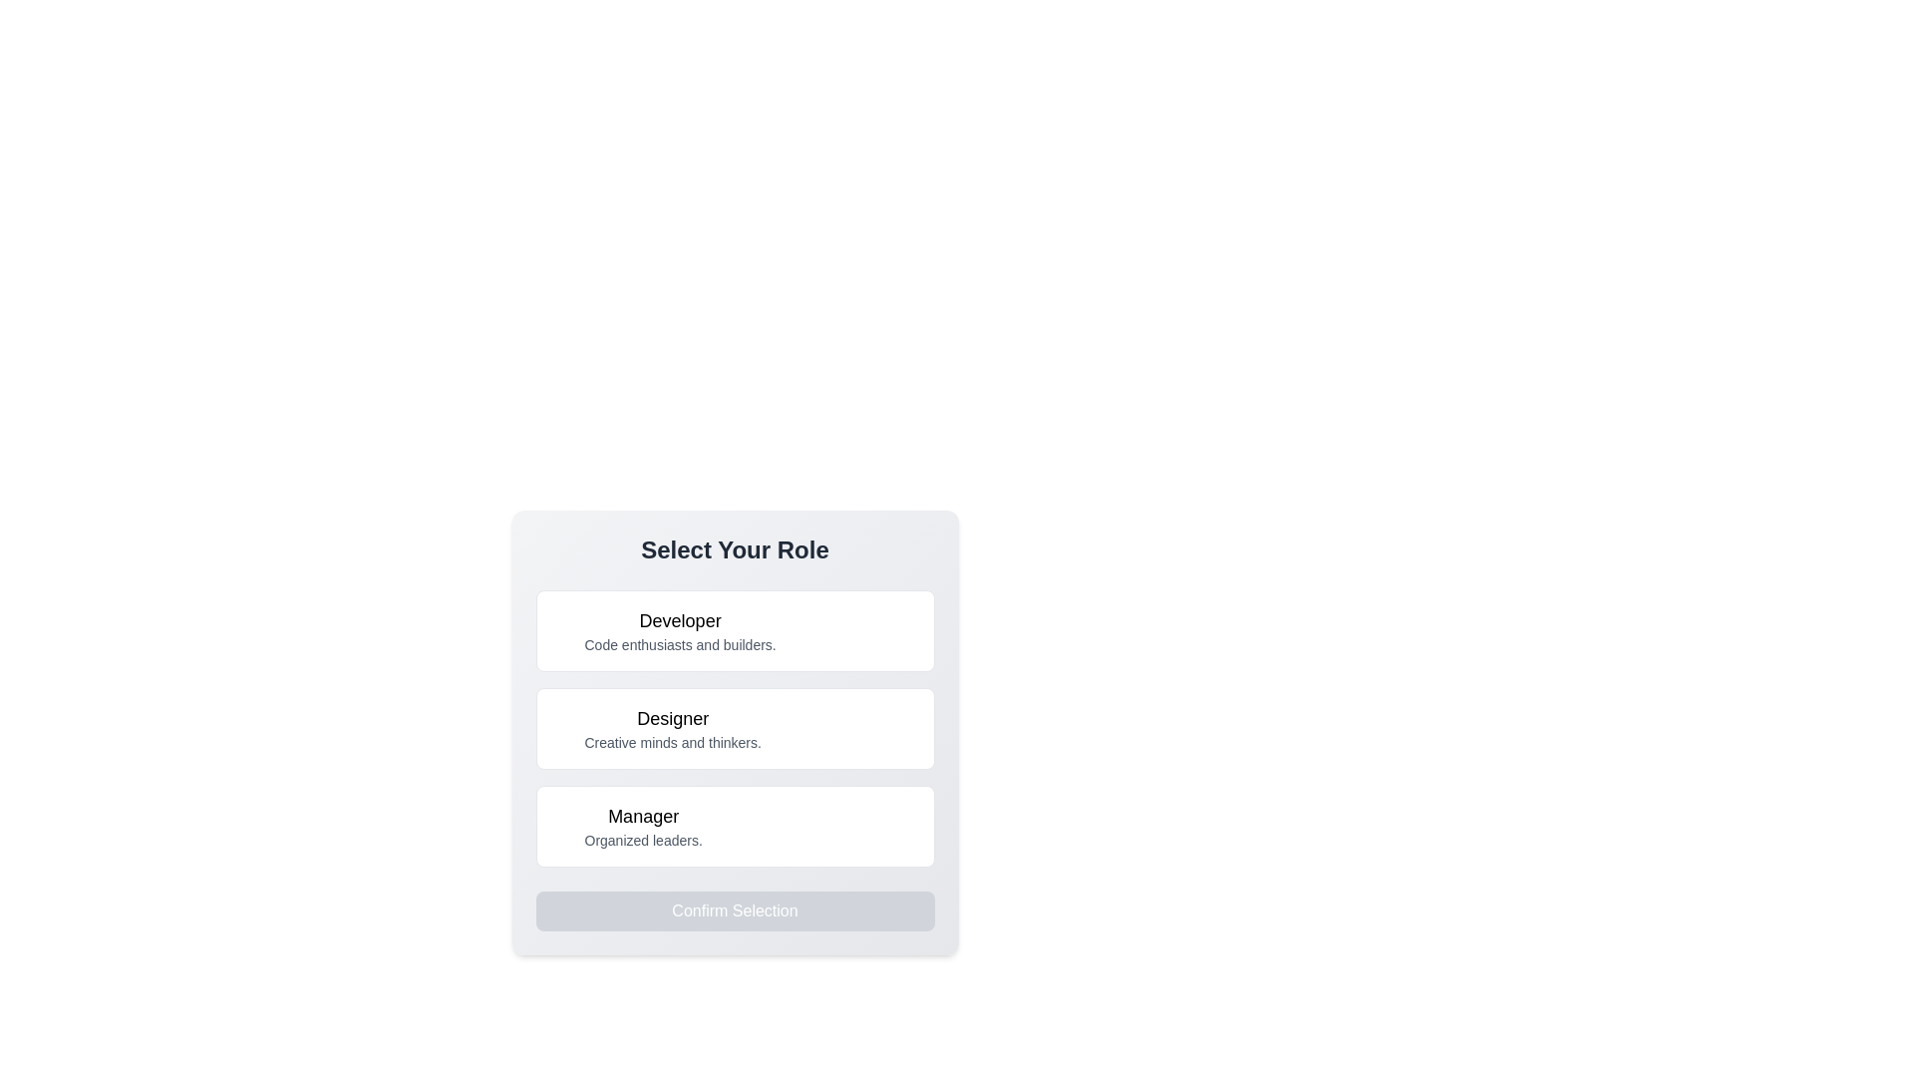 This screenshot has height=1077, width=1914. What do you see at coordinates (673, 719) in the screenshot?
I see `the Text Label for the role selection, which is positioned above the descriptive phrase` at bounding box center [673, 719].